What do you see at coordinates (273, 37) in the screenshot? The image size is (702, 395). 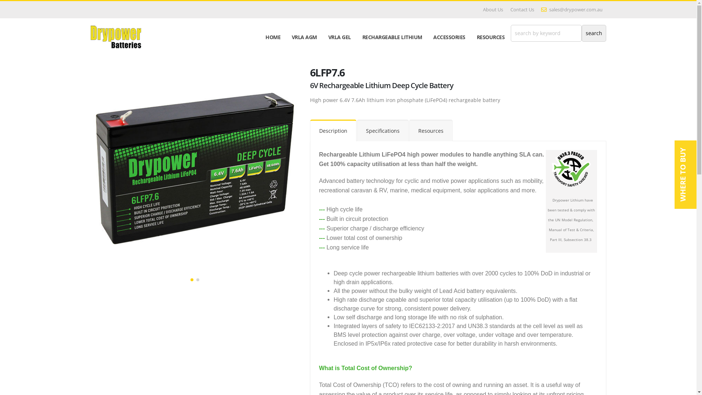 I see `'HOME'` at bounding box center [273, 37].